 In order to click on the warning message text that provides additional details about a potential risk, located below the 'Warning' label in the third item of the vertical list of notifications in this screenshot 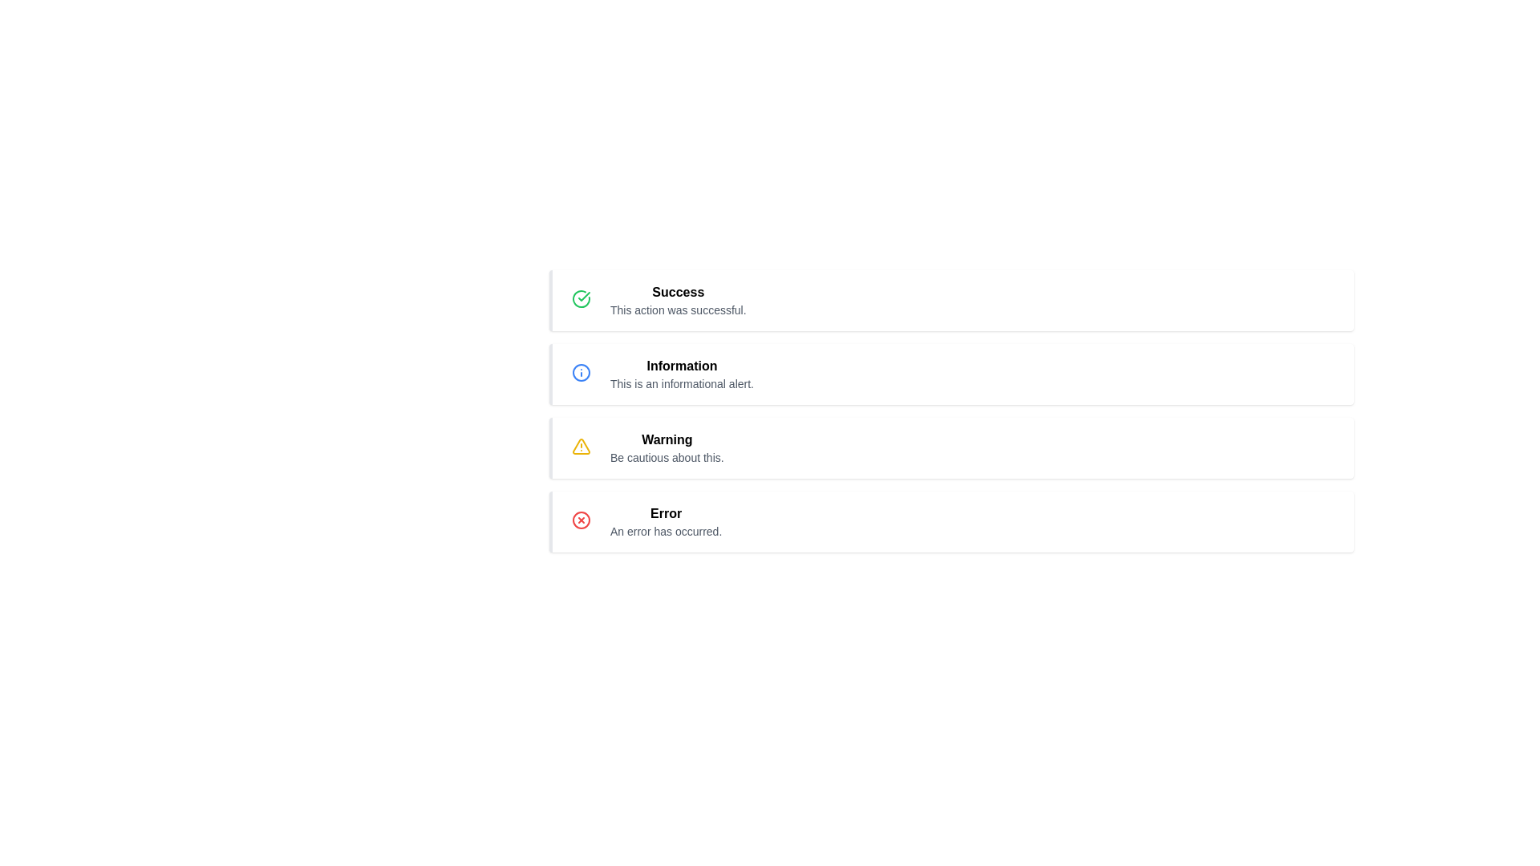, I will do `click(667, 457)`.